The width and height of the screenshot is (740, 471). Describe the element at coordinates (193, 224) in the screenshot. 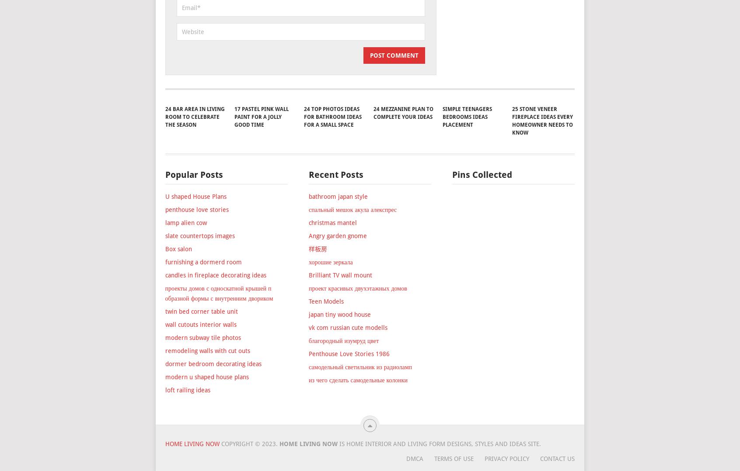

I see `'Popular Posts'` at that location.